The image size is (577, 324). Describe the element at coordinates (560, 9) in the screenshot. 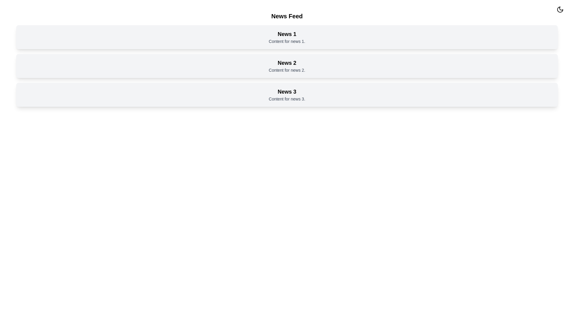

I see `the nighttime or dark mode icon located at the top-right corner of the interface` at that location.